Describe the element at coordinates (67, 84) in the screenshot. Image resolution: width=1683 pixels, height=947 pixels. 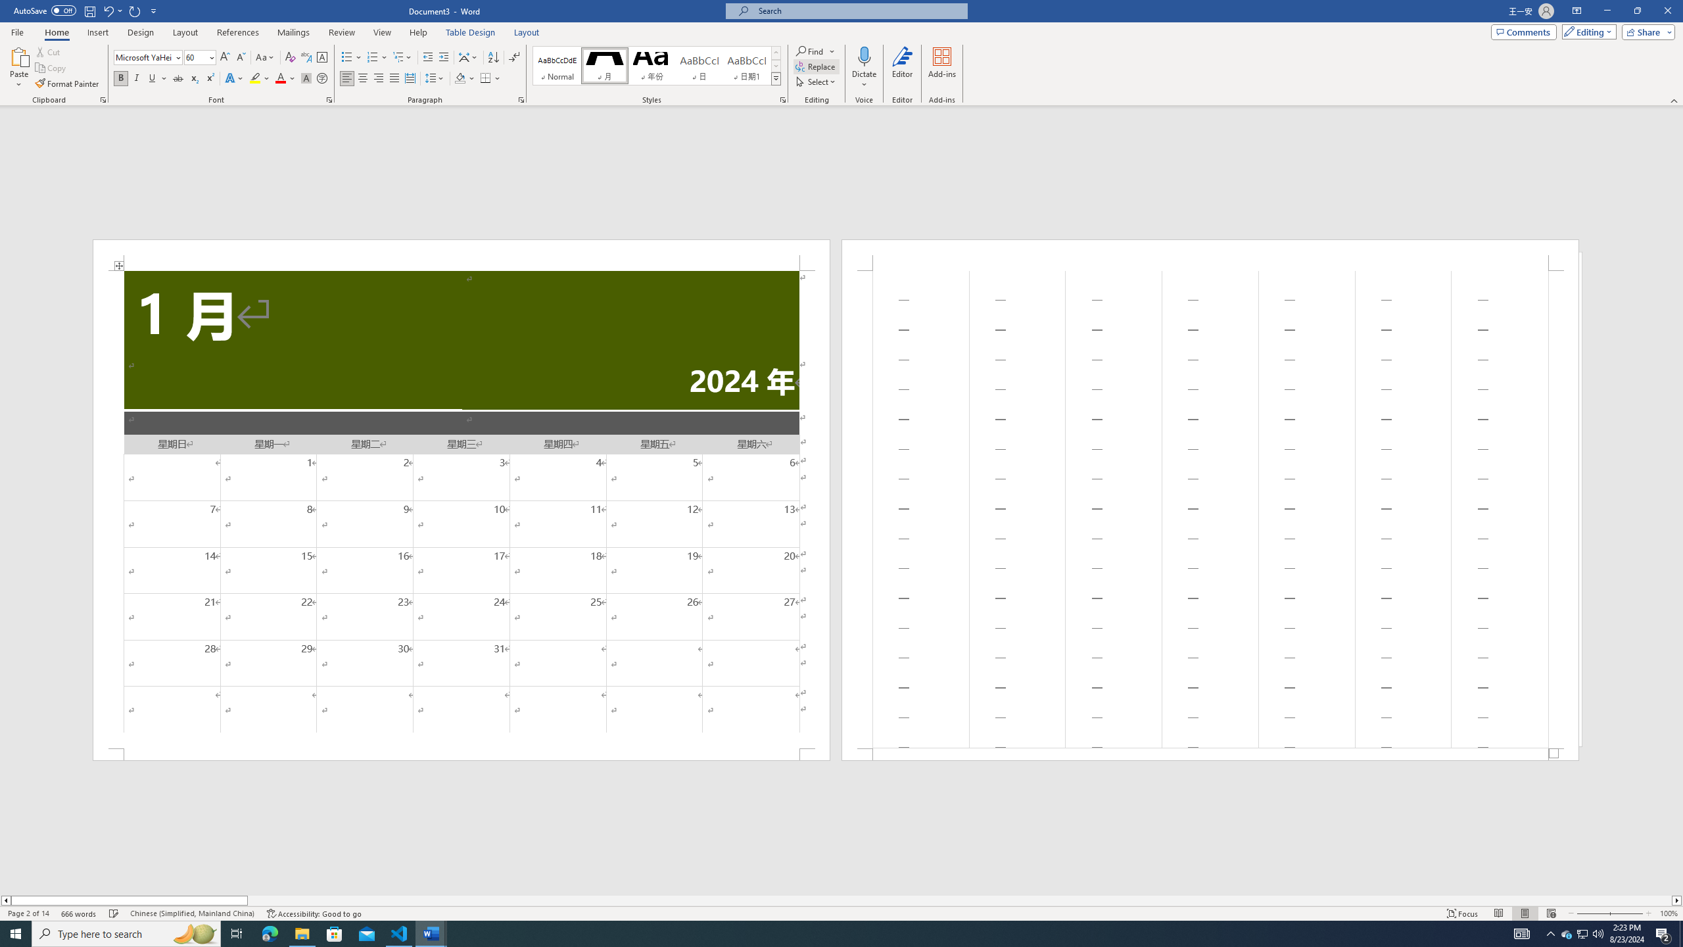
I see `'Format Painter'` at that location.